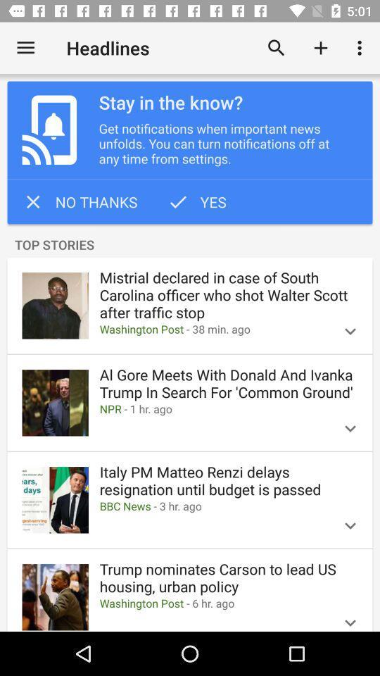 This screenshot has width=380, height=676. I want to click on al gore meets item, so click(229, 384).